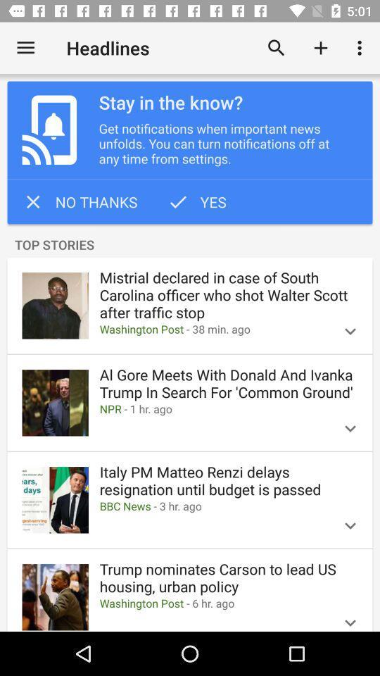 This screenshot has width=380, height=676. I want to click on al gore meets item, so click(229, 384).